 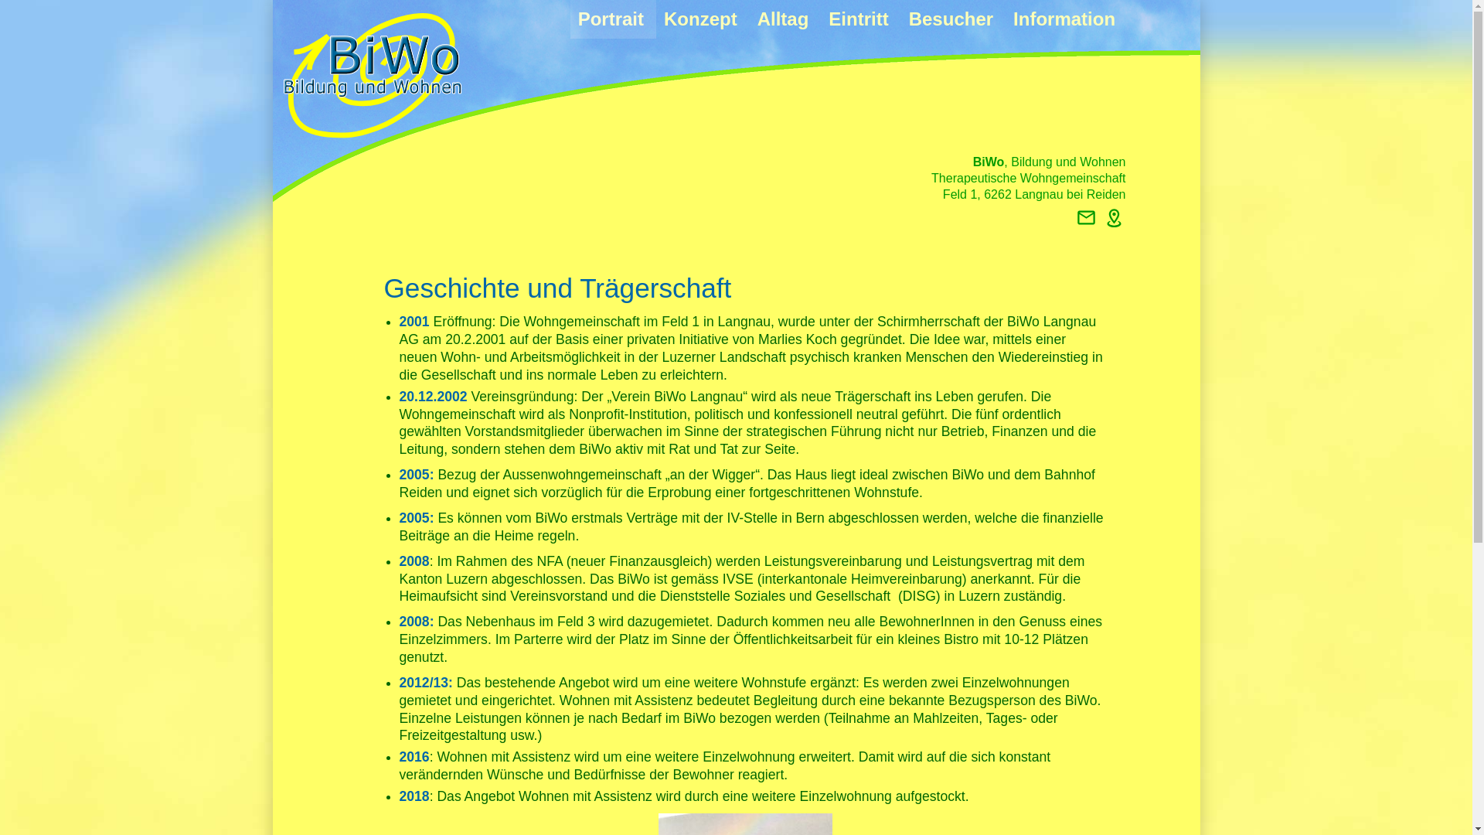 What do you see at coordinates (1064, 19) in the screenshot?
I see `'Information'` at bounding box center [1064, 19].